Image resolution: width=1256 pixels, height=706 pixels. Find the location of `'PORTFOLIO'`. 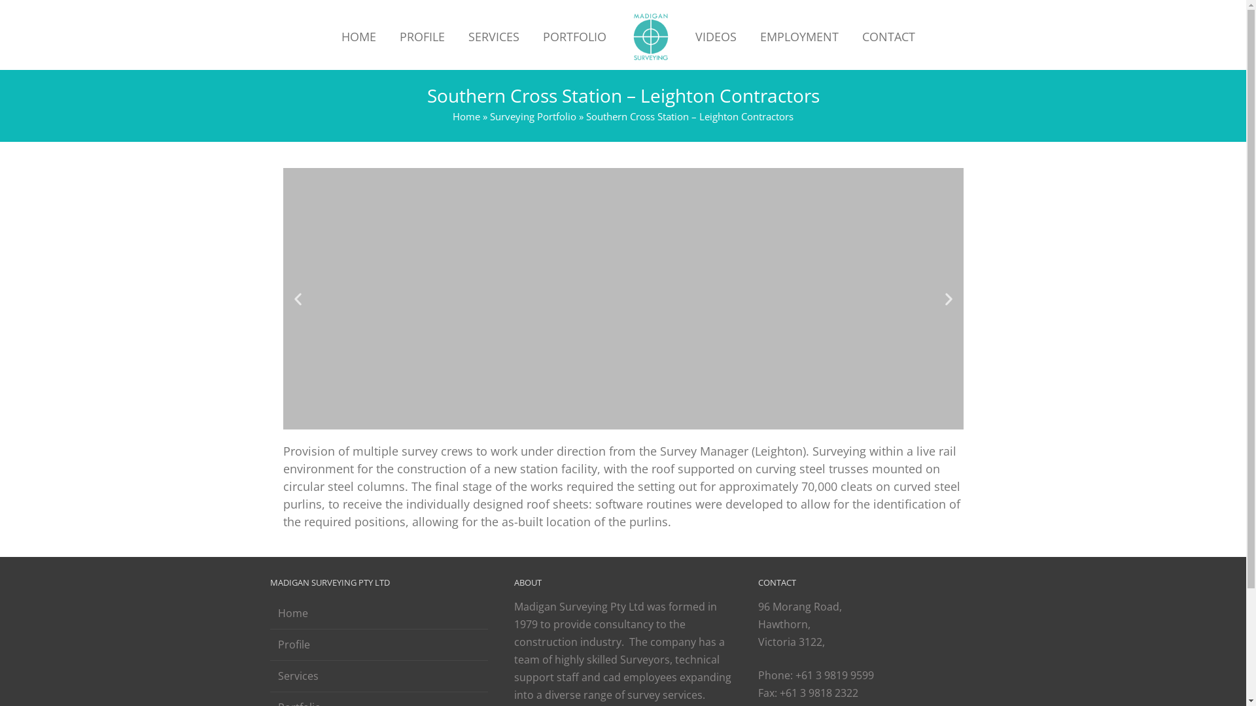

'PORTFOLIO' is located at coordinates (574, 36).